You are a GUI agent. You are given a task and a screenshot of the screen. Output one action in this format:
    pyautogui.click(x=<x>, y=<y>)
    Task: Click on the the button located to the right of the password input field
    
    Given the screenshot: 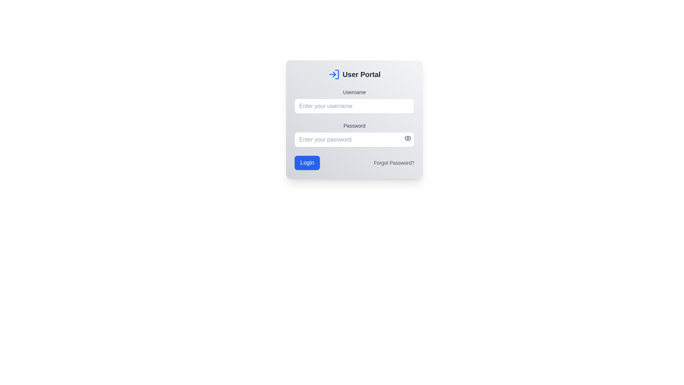 What is the action you would take?
    pyautogui.click(x=408, y=138)
    